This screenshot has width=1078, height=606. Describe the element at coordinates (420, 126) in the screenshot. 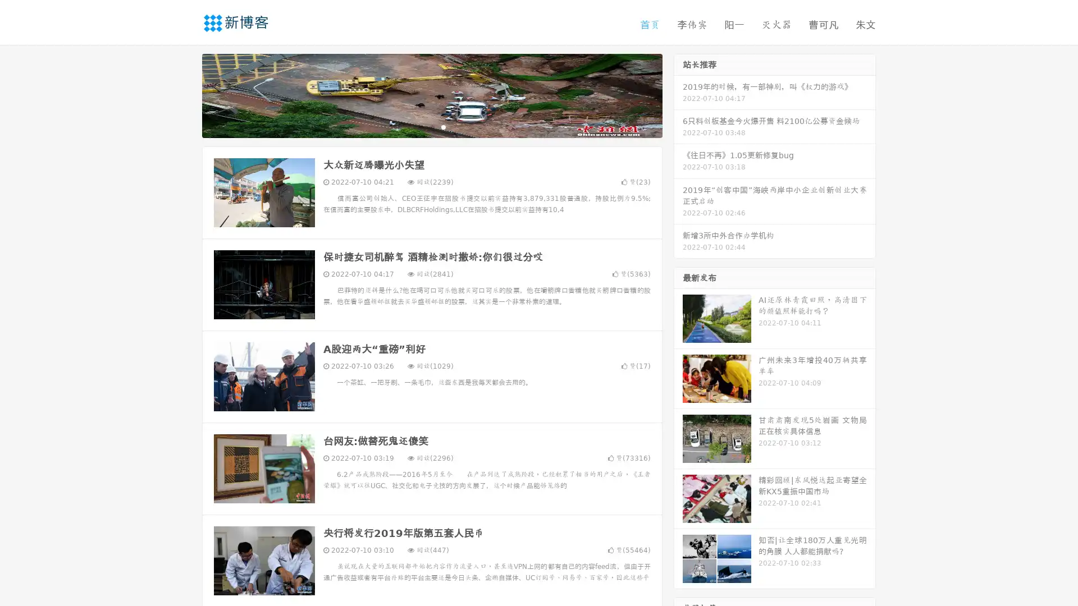

I see `Go to slide 1` at that location.